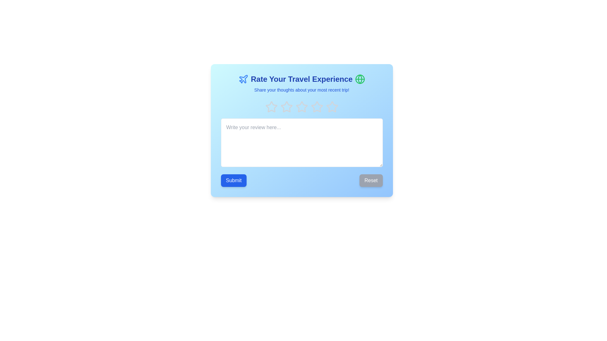  What do you see at coordinates (301, 106) in the screenshot?
I see `the third rating star, which is a star-shaped figure with a light gray outline, centrally located in a row of five stars at the top of the feedback form` at bounding box center [301, 106].